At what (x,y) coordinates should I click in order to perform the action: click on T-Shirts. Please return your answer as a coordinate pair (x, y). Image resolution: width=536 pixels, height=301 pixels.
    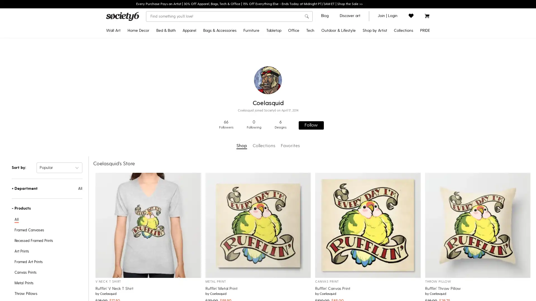
    Looking at the image, I should click on (207, 45).